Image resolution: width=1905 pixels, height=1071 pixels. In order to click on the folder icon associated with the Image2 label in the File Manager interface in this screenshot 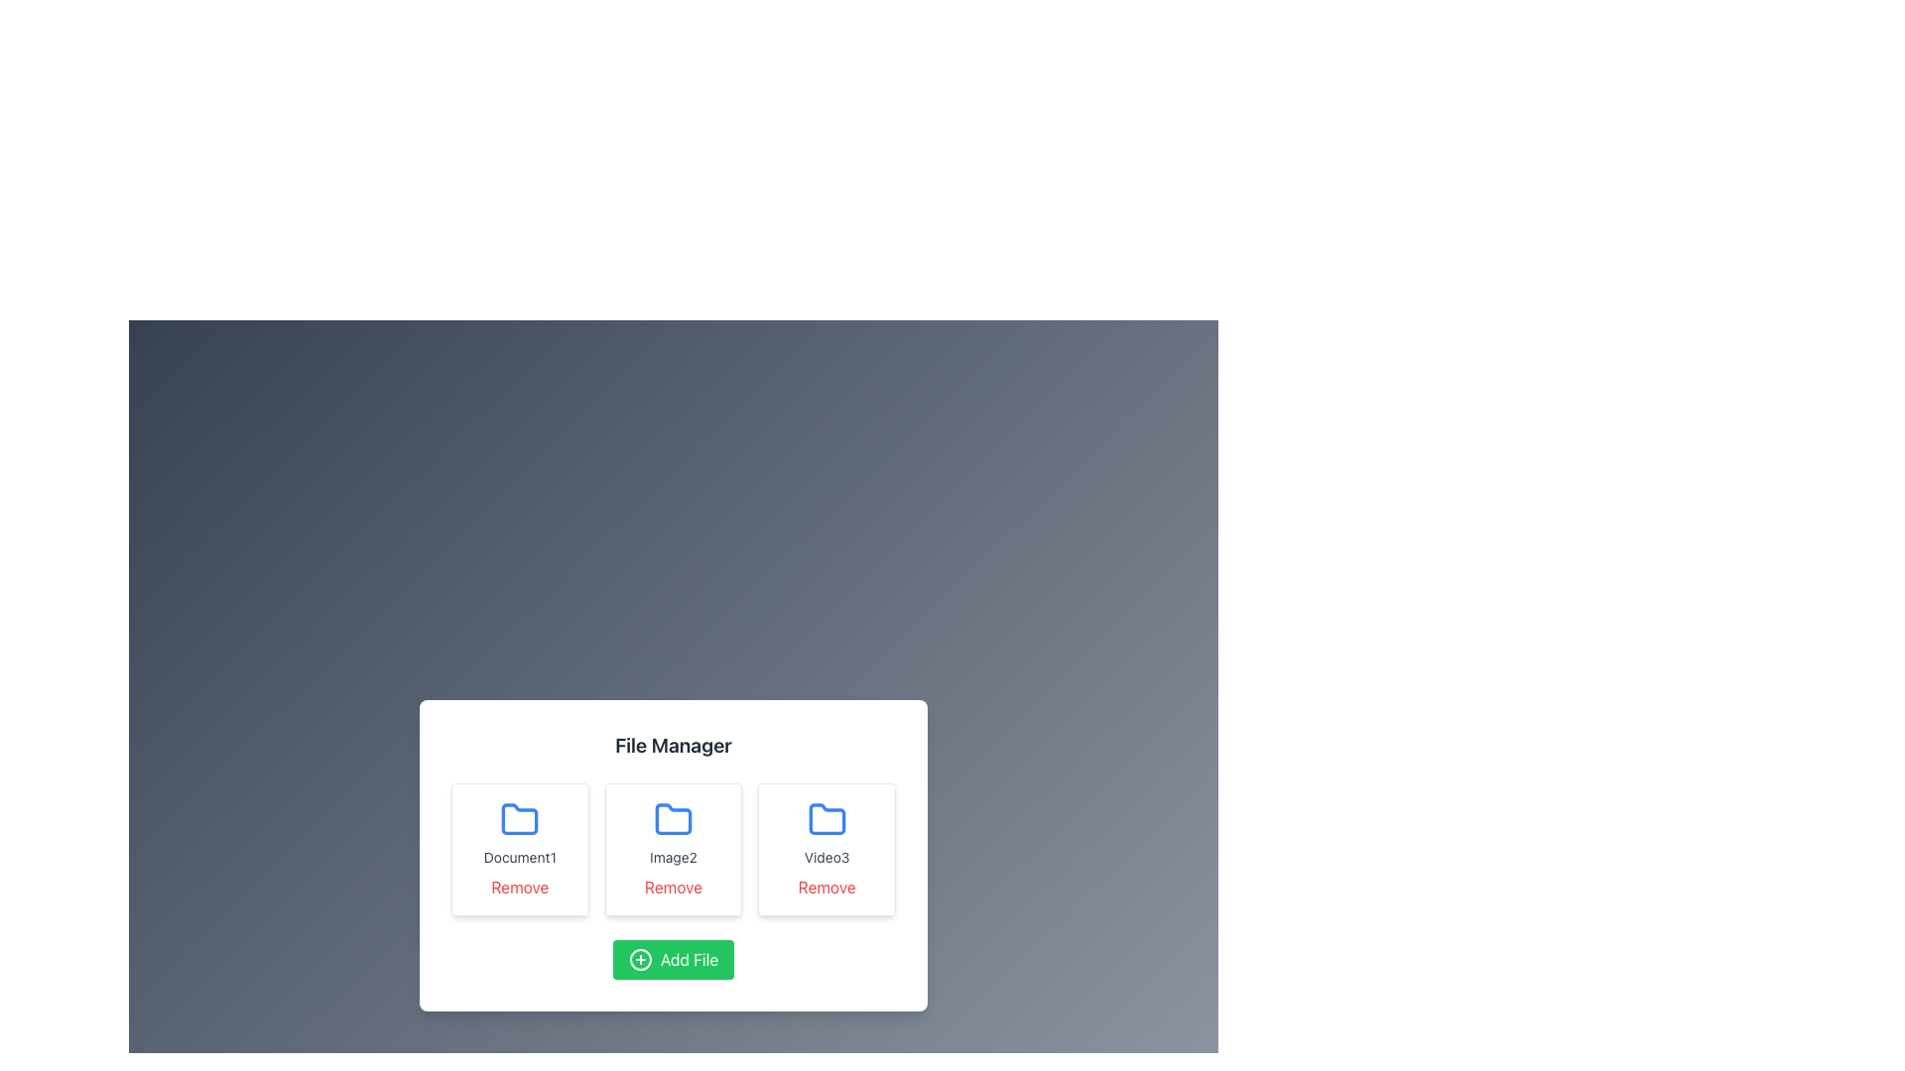, I will do `click(673, 819)`.